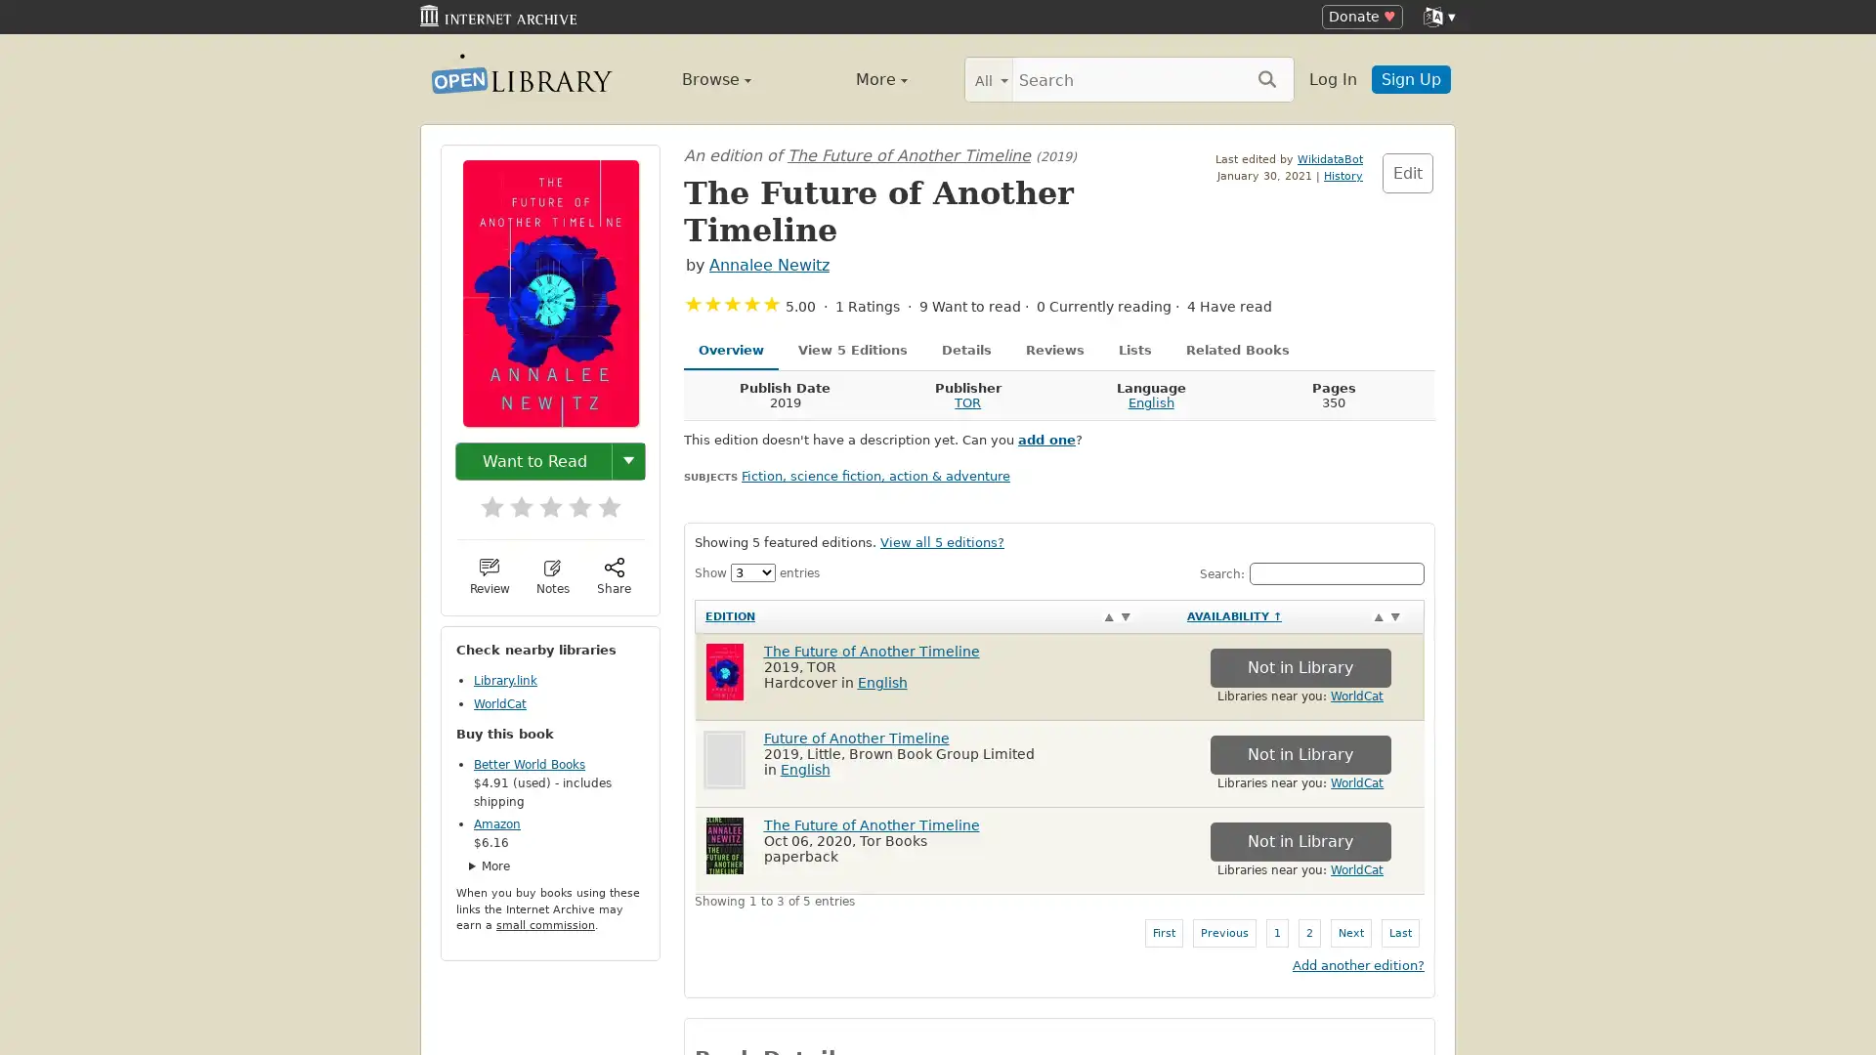 The width and height of the screenshot is (1876, 1055). I want to click on Search submit, so click(1266, 77).